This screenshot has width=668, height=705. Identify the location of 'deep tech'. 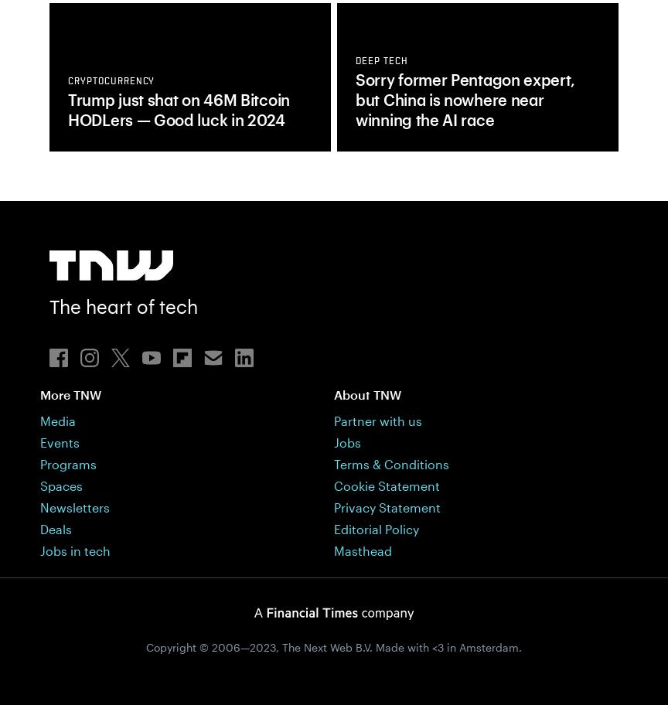
(355, 61).